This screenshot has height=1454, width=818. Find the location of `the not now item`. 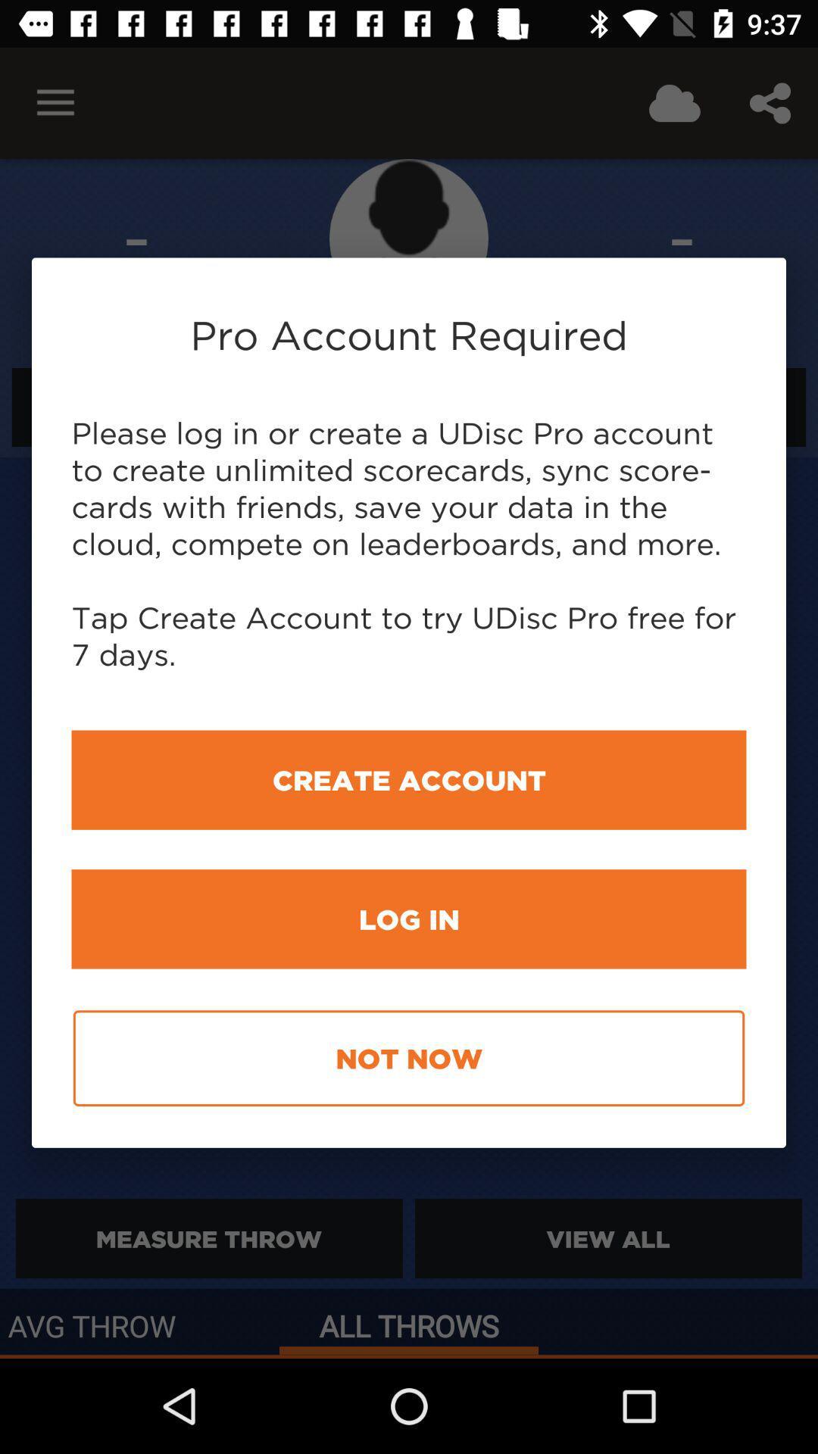

the not now item is located at coordinates (409, 1057).